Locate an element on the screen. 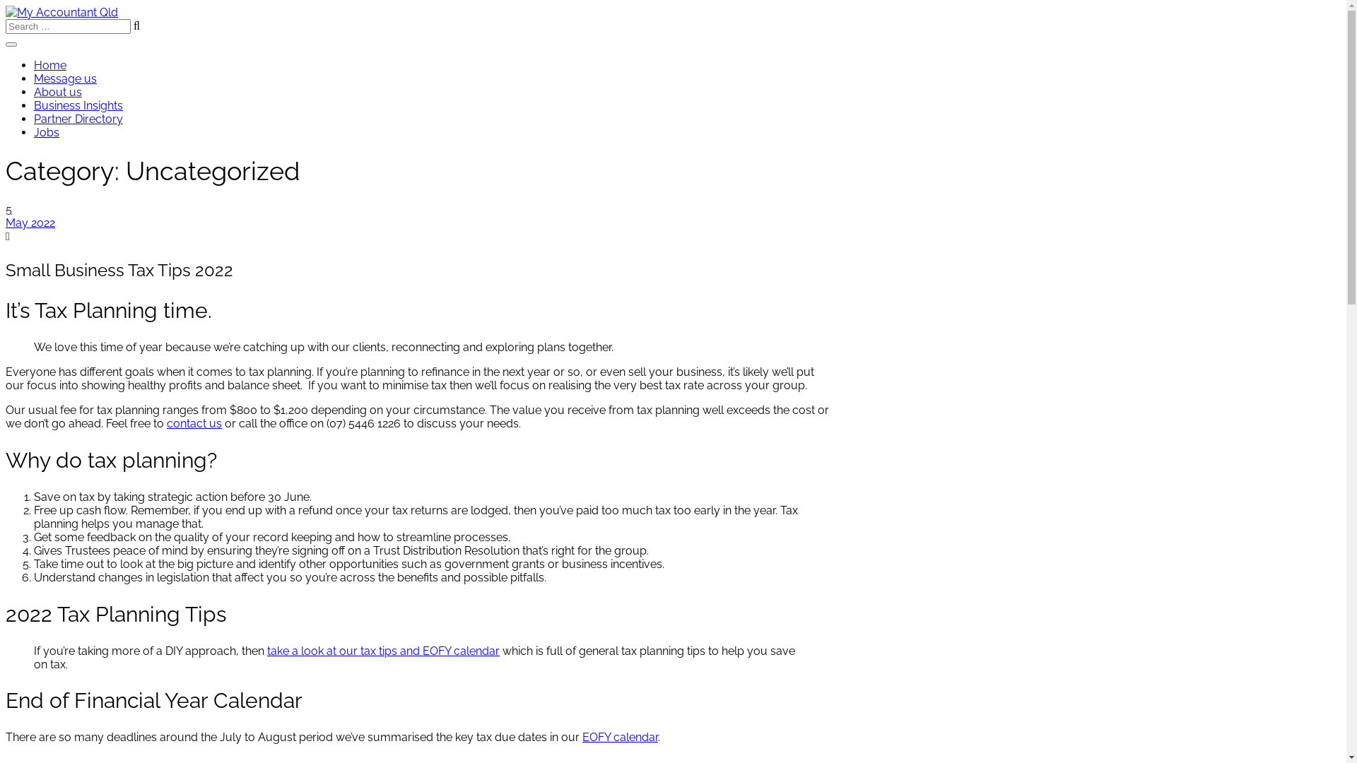 Image resolution: width=1357 pixels, height=763 pixels. 'Home' is located at coordinates (34, 65).